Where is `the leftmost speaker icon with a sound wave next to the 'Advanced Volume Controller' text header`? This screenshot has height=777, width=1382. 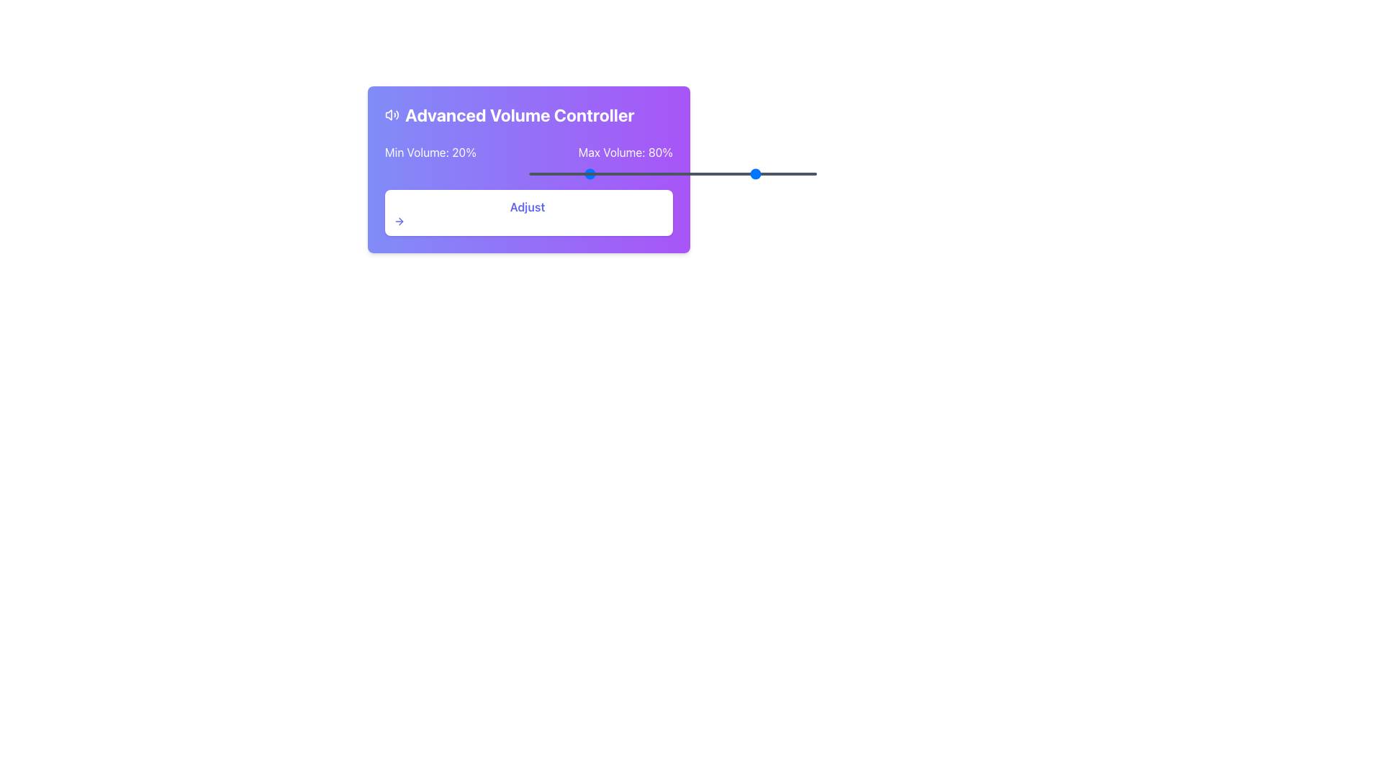
the leftmost speaker icon with a sound wave next to the 'Advanced Volume Controller' text header is located at coordinates (389, 114).